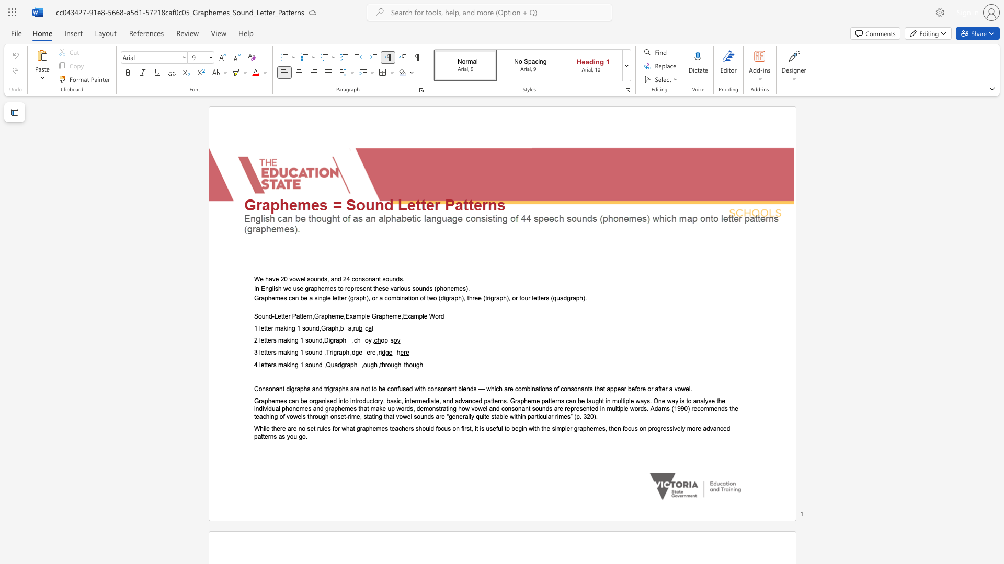 The width and height of the screenshot is (1004, 564). Describe the element at coordinates (339, 364) in the screenshot. I see `the 2th character "d" in the text` at that location.